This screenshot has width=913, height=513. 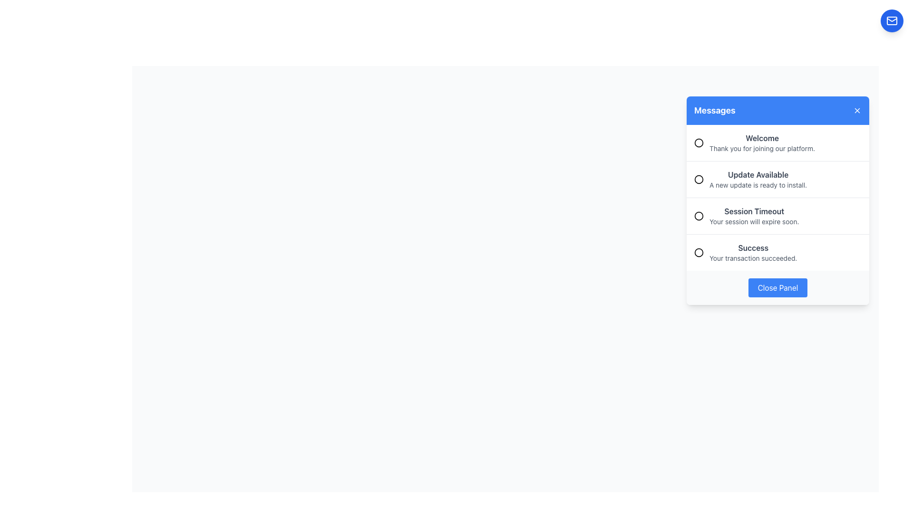 I want to click on the Informative Text Block that informs the user about an impending session timeout, situated within the 'Messages' panel, so click(x=754, y=216).